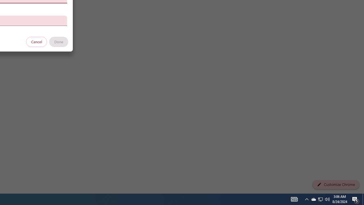 The height and width of the screenshot is (205, 364). What do you see at coordinates (59, 41) in the screenshot?
I see `'Done'` at bounding box center [59, 41].